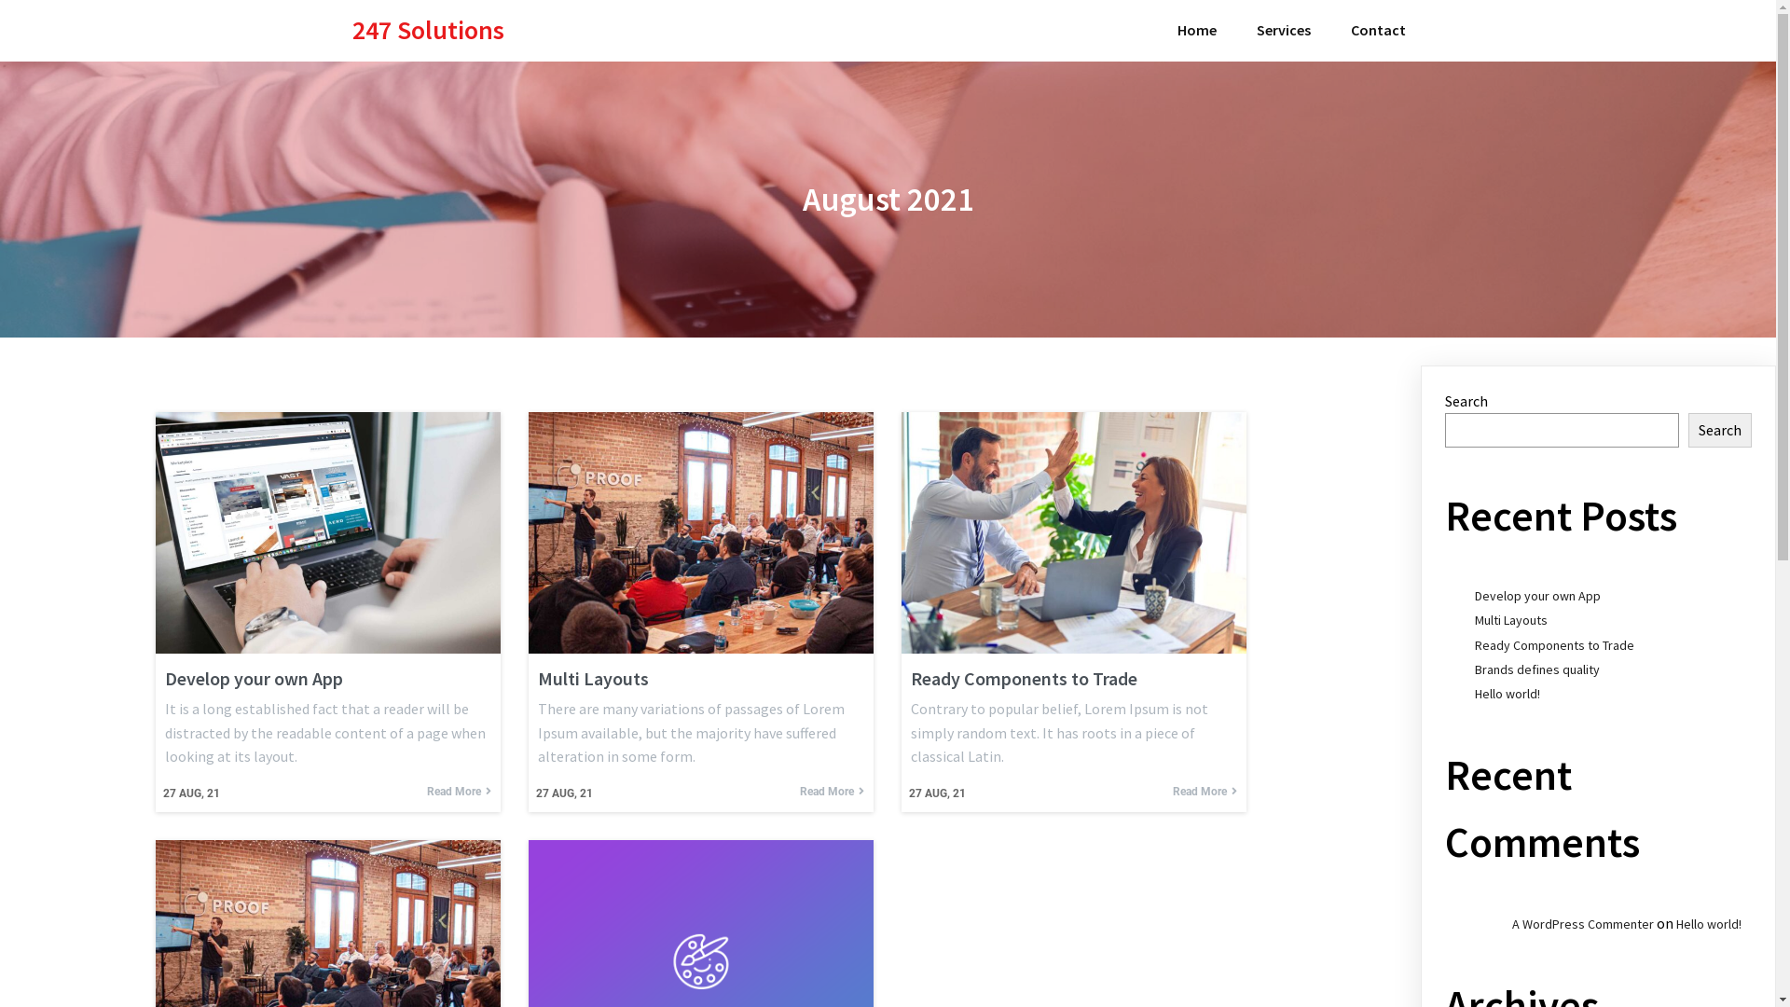  What do you see at coordinates (1537, 668) in the screenshot?
I see `'Brands defines quality'` at bounding box center [1537, 668].